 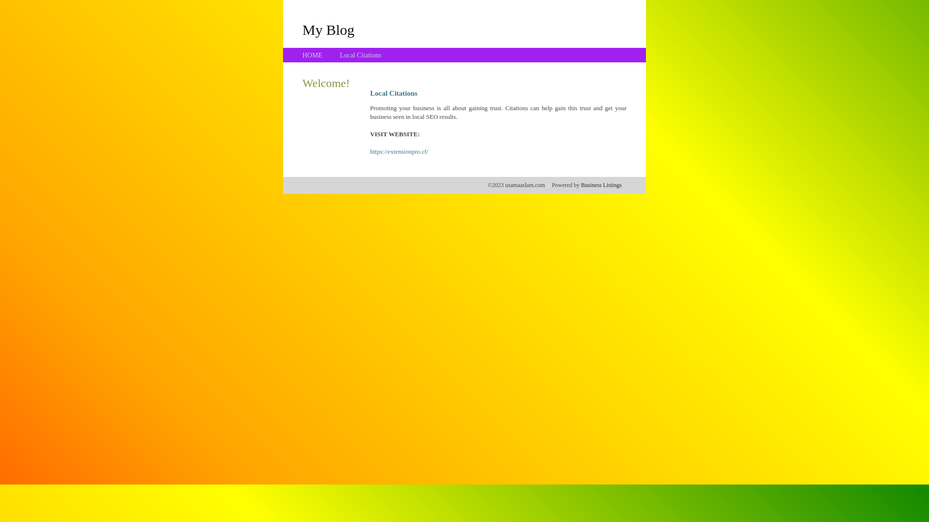 I want to click on 'Business Listings', so click(x=601, y=185).